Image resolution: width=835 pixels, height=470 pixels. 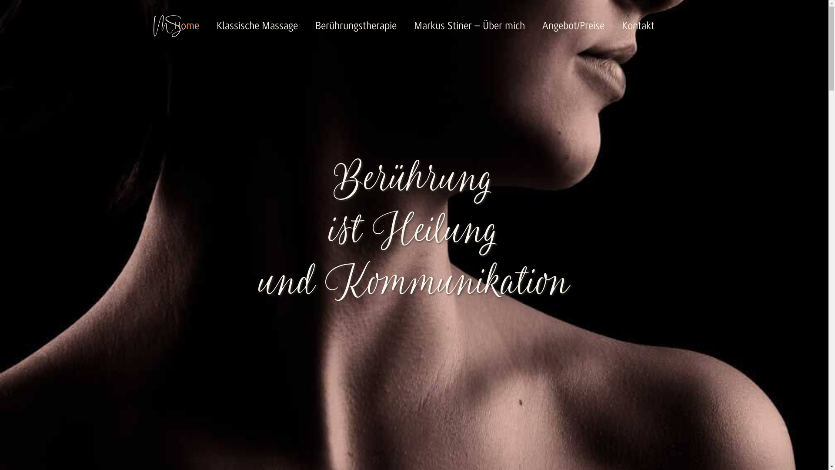 I want to click on 'Kontakt', so click(x=613, y=26).